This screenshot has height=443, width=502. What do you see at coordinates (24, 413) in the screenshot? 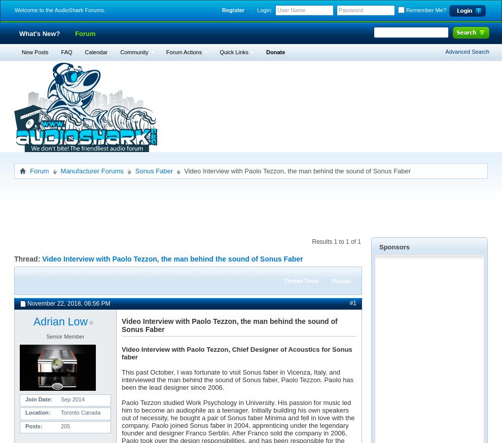
I see `'Location'` at bounding box center [24, 413].